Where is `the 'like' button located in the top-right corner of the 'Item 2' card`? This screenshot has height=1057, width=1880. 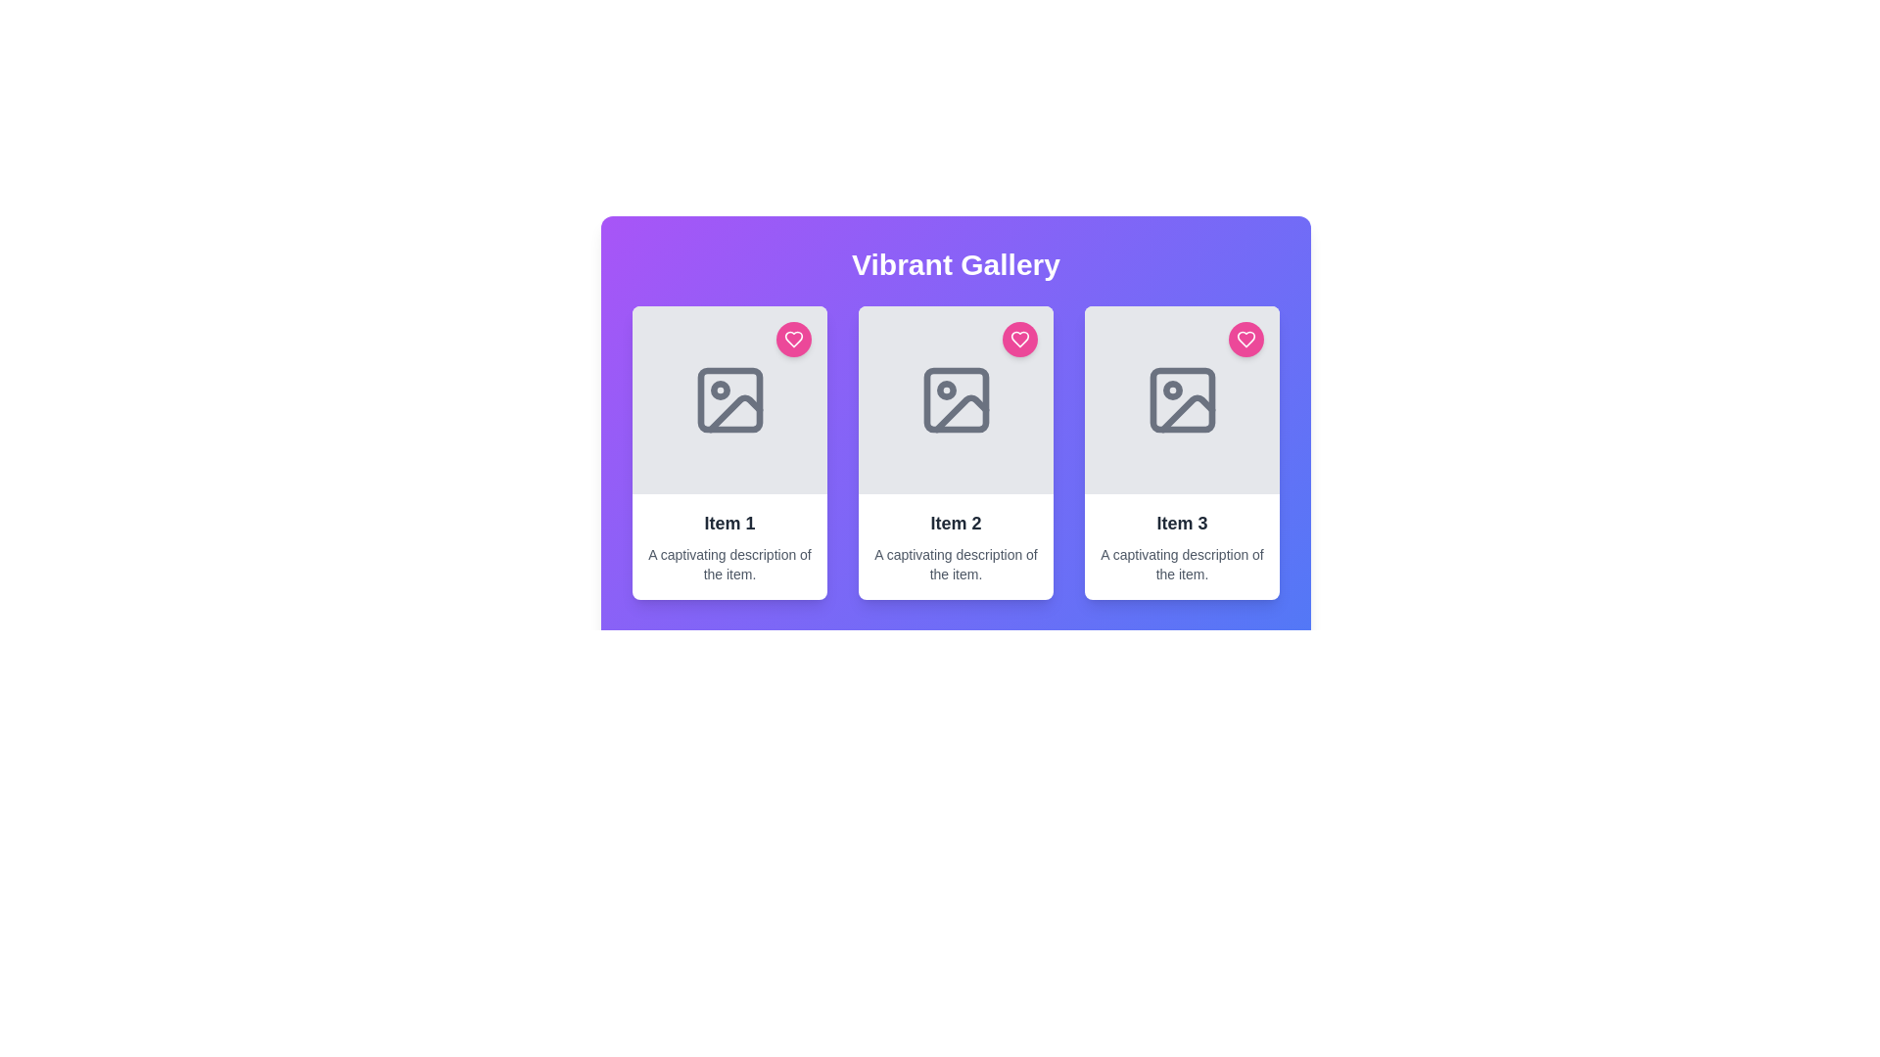
the 'like' button located in the top-right corner of the 'Item 2' card is located at coordinates (1018, 339).